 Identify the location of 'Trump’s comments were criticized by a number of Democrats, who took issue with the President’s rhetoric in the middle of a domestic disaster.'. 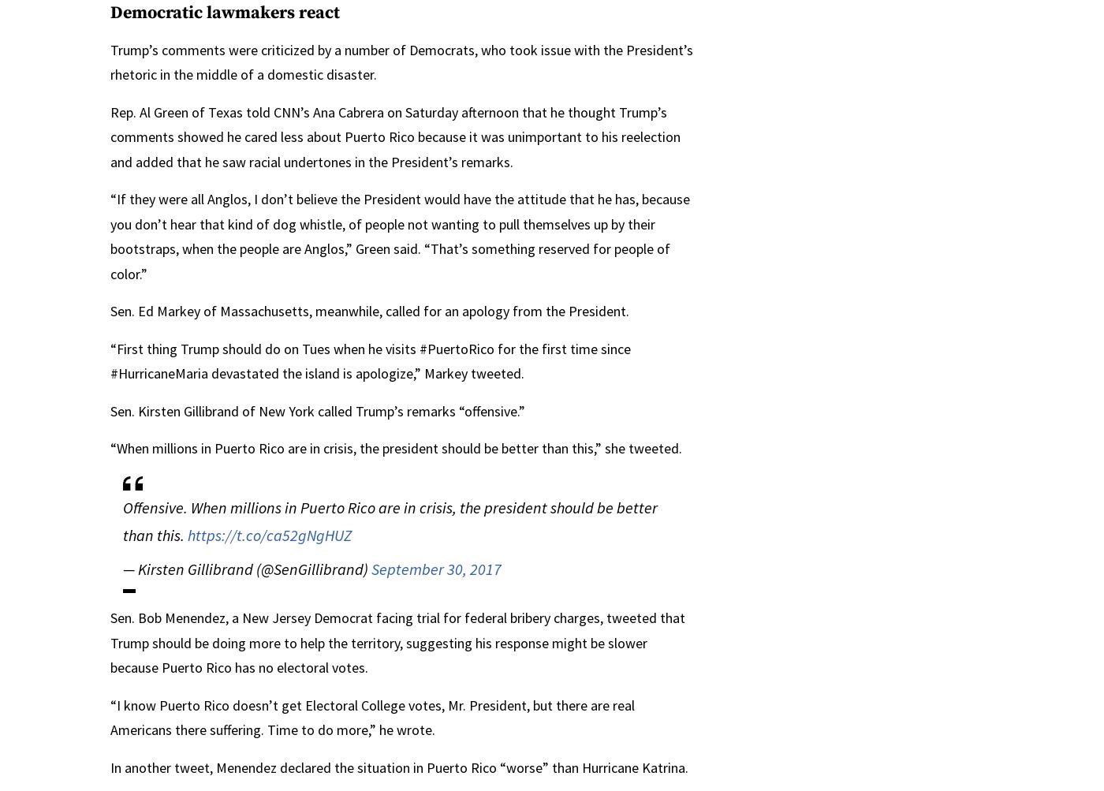
(401, 62).